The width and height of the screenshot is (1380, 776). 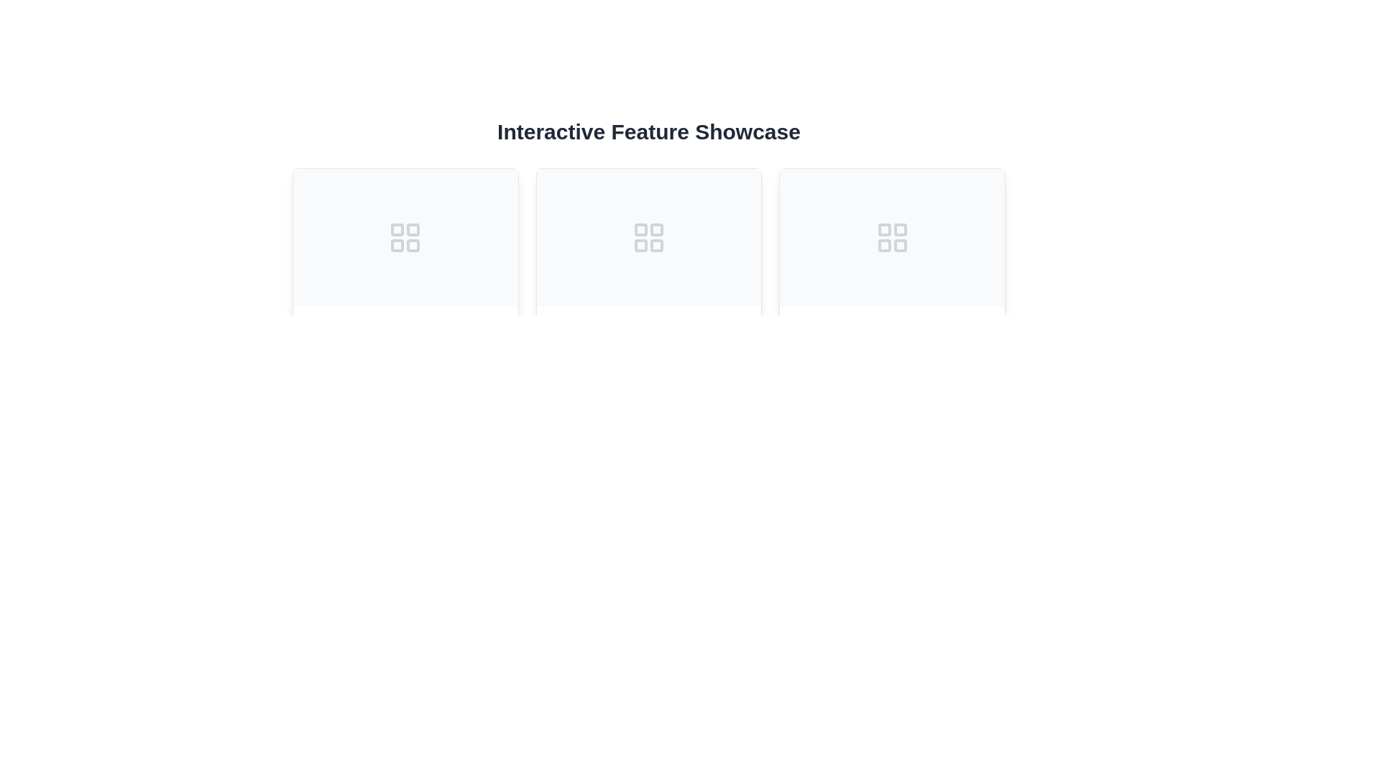 I want to click on the grid-like SVG icon representing a layout grid, which is the third element in a sequence of similar icons, so click(x=891, y=237).